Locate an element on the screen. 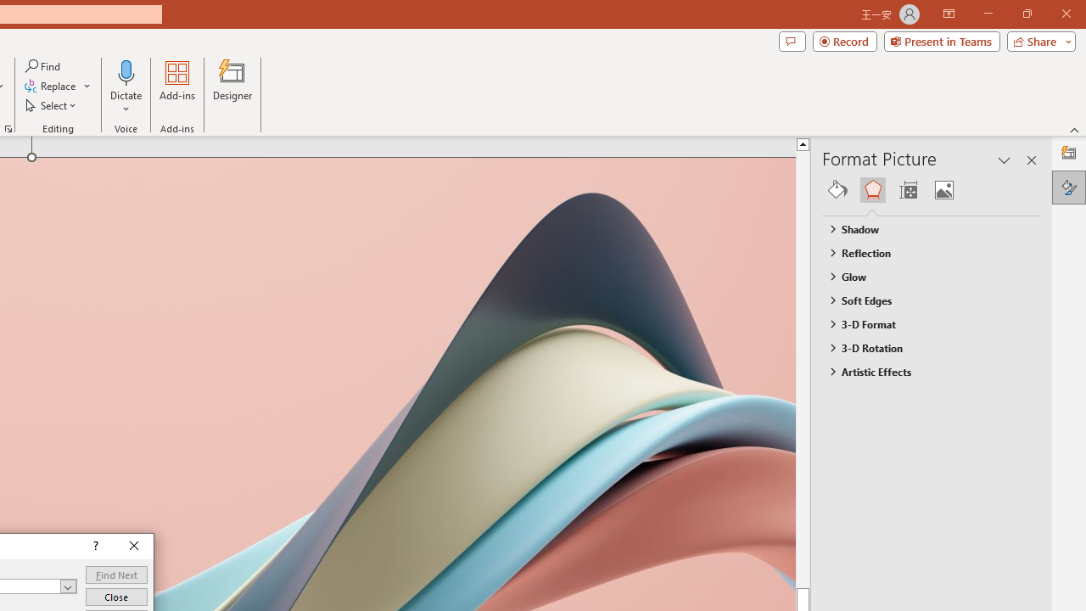 The image size is (1086, 611). 'Picture' is located at coordinates (943, 189).